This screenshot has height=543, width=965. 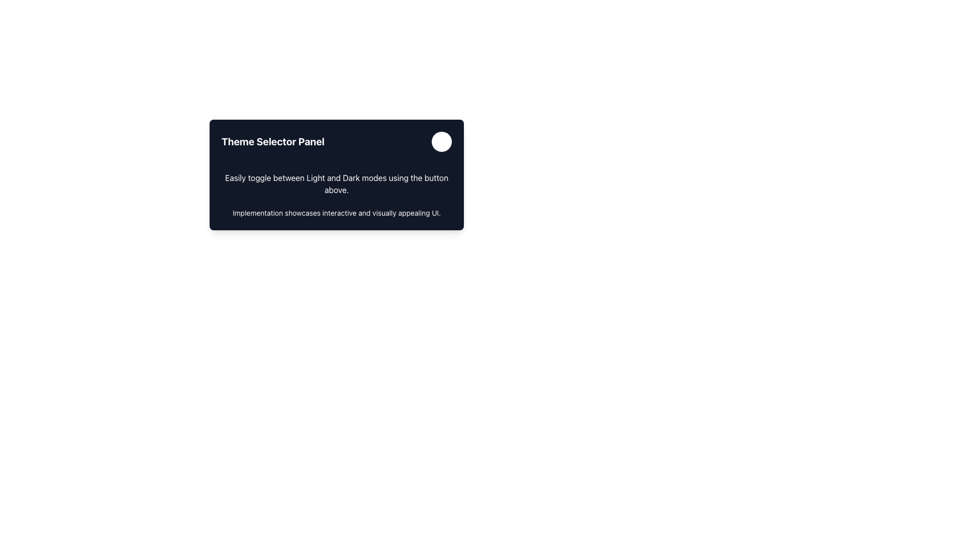 I want to click on the Informational Panel titled 'Theme Selector Panel', which features a dark background, rounded corners, and white typography, so click(x=337, y=222).